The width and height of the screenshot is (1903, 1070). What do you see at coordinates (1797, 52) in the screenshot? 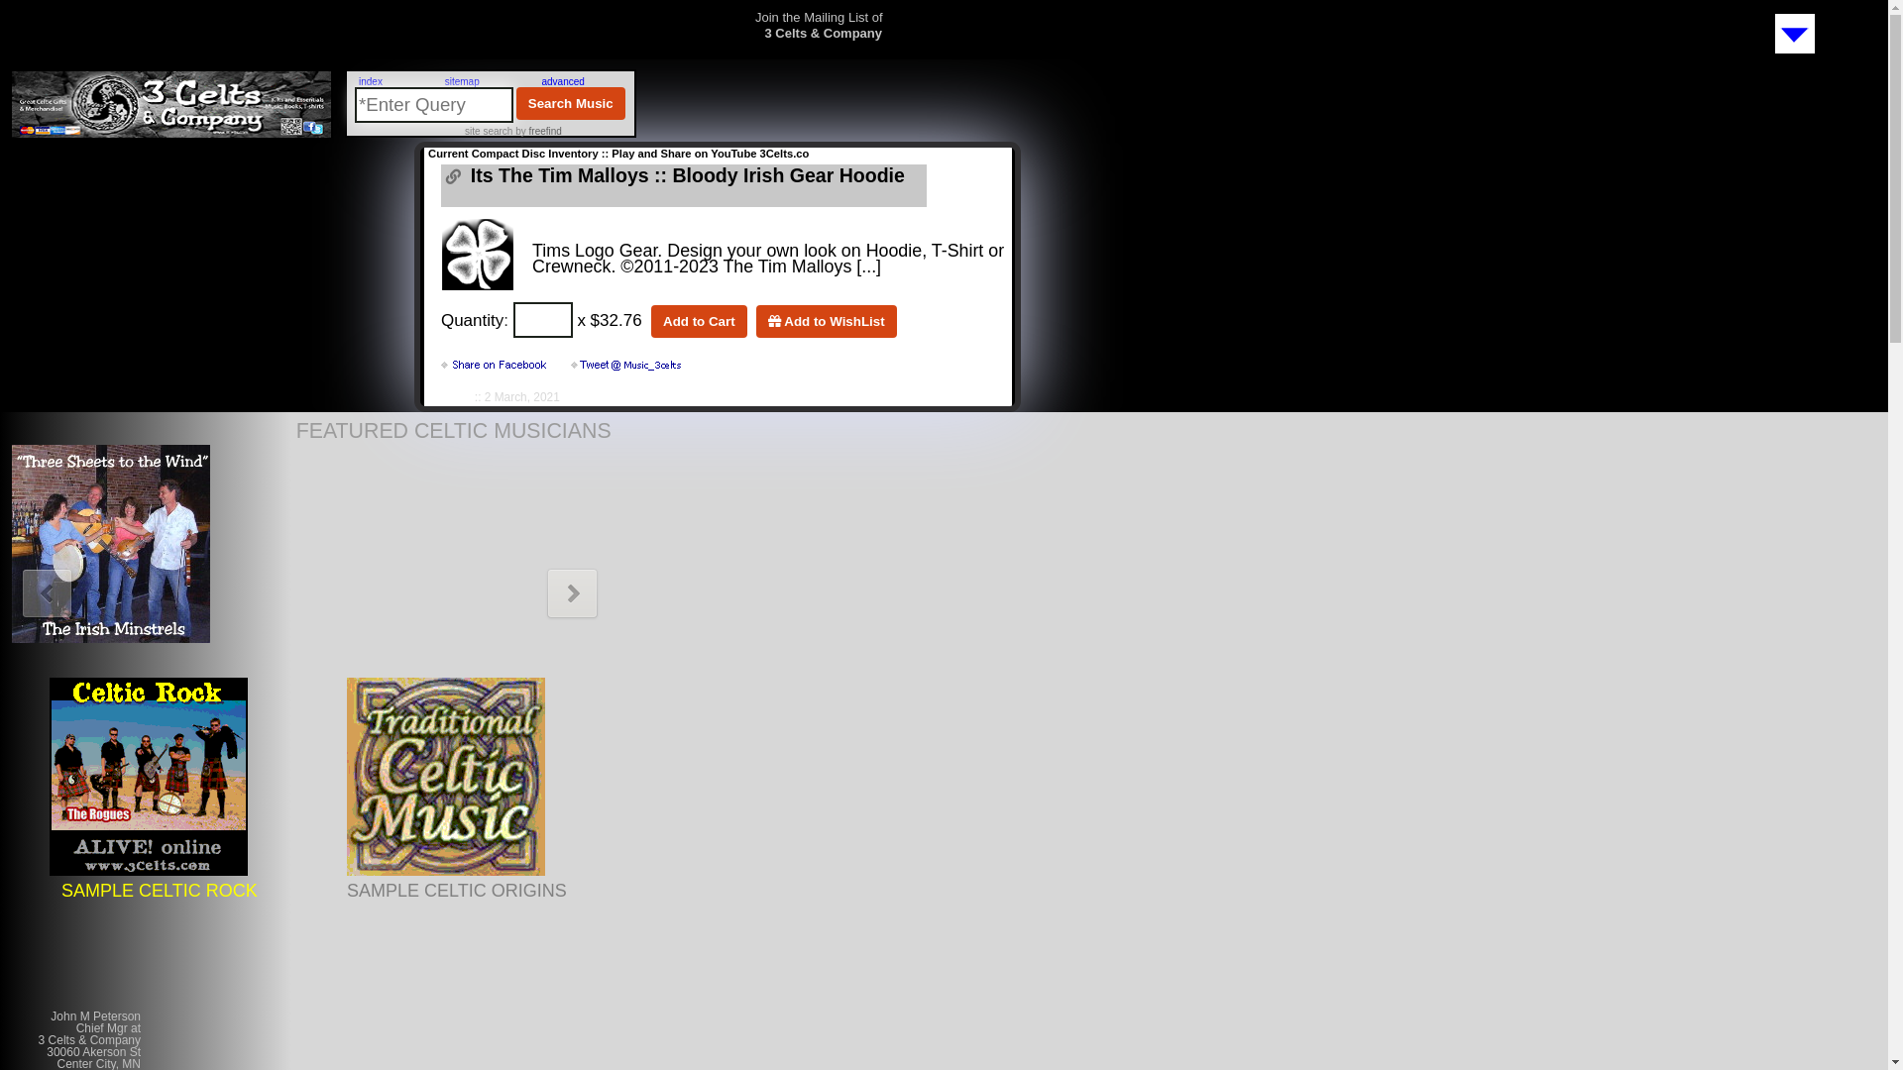
I see `'Subscribe to Mailing List'` at bounding box center [1797, 52].